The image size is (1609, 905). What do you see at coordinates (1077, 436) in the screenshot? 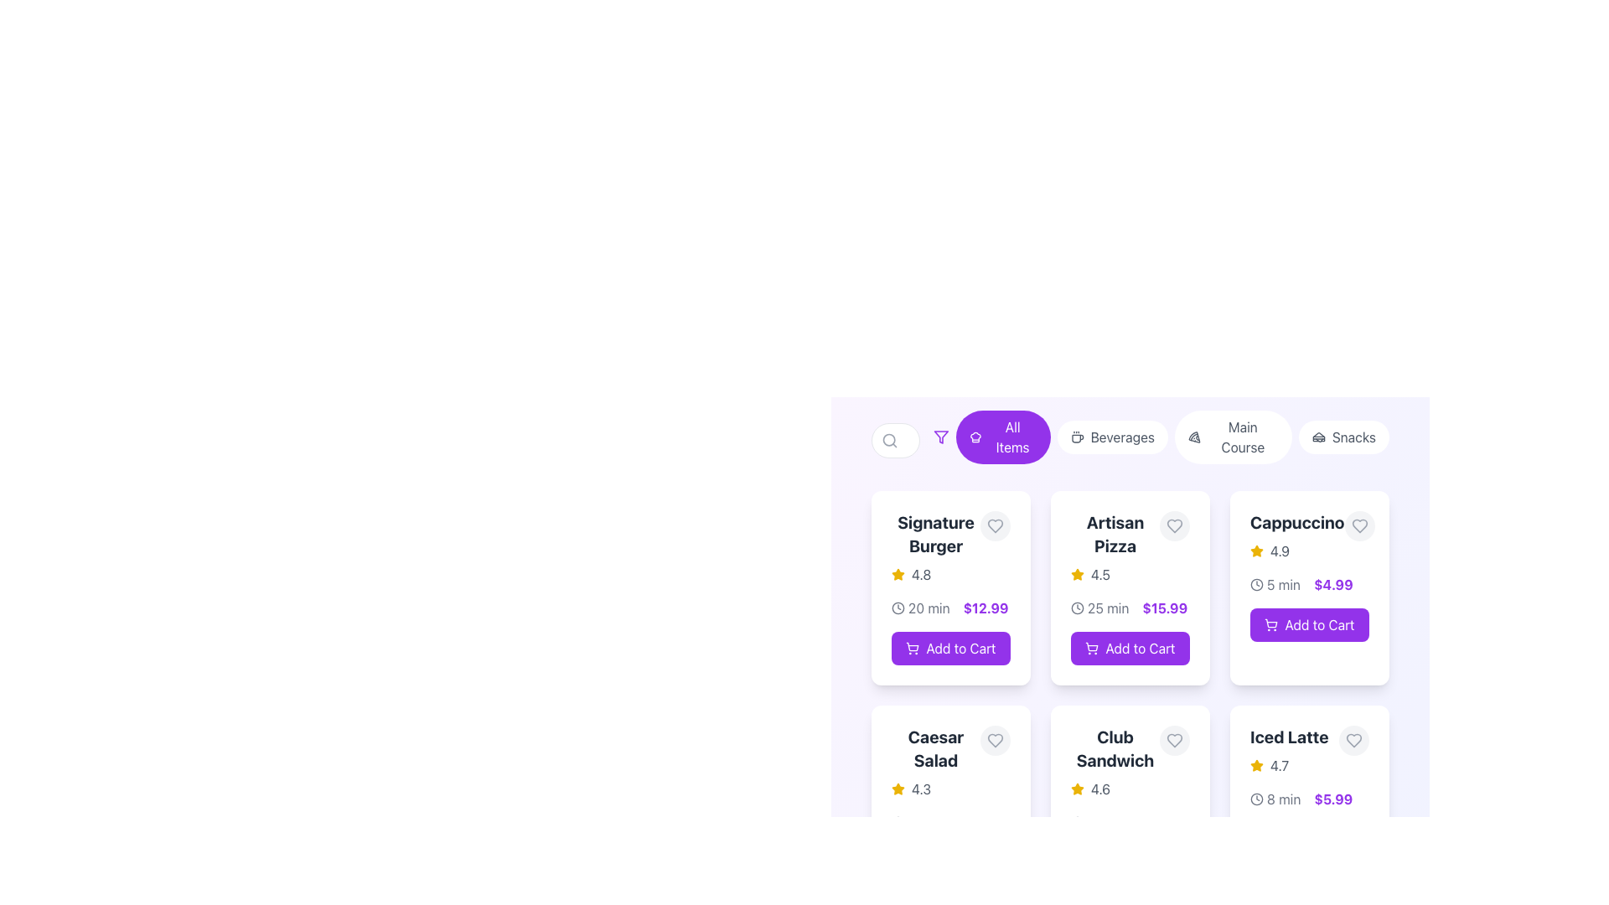
I see `the coffee cup icon representing the 'Beverages' category` at bounding box center [1077, 436].